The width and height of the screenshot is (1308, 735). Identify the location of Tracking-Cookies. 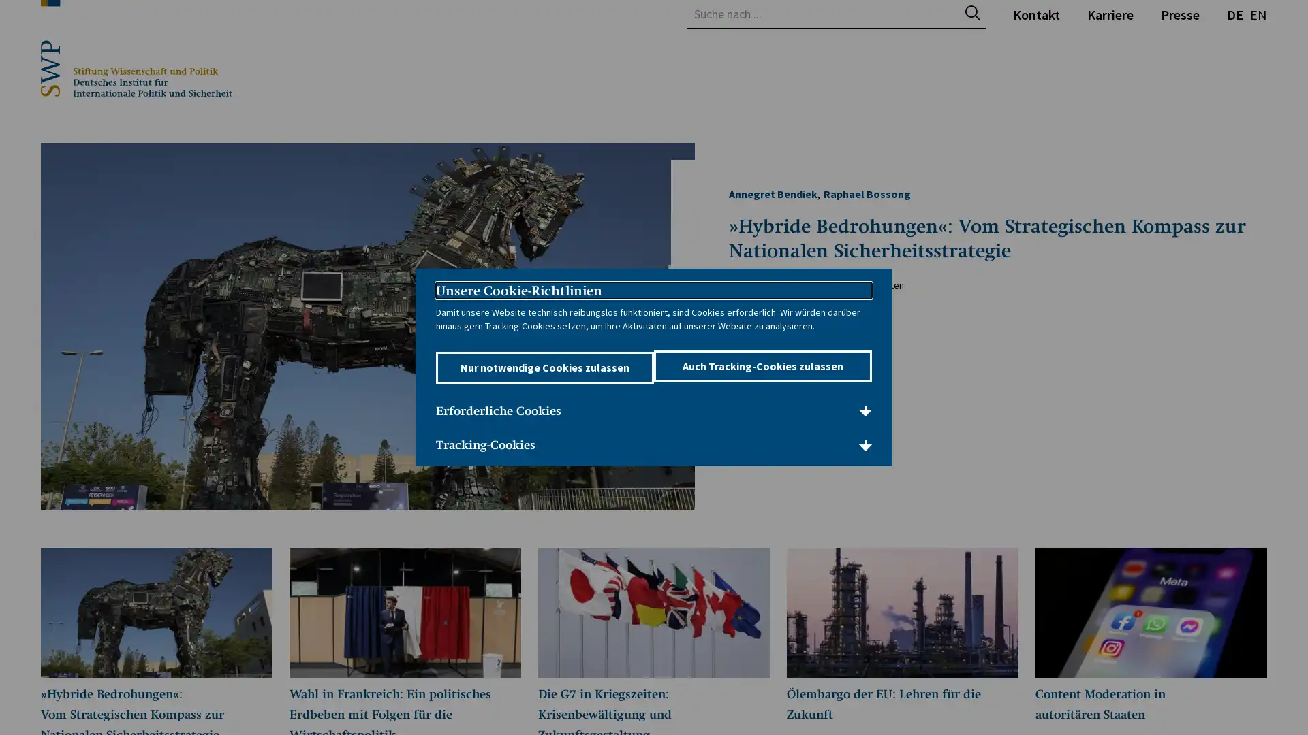
(654, 454).